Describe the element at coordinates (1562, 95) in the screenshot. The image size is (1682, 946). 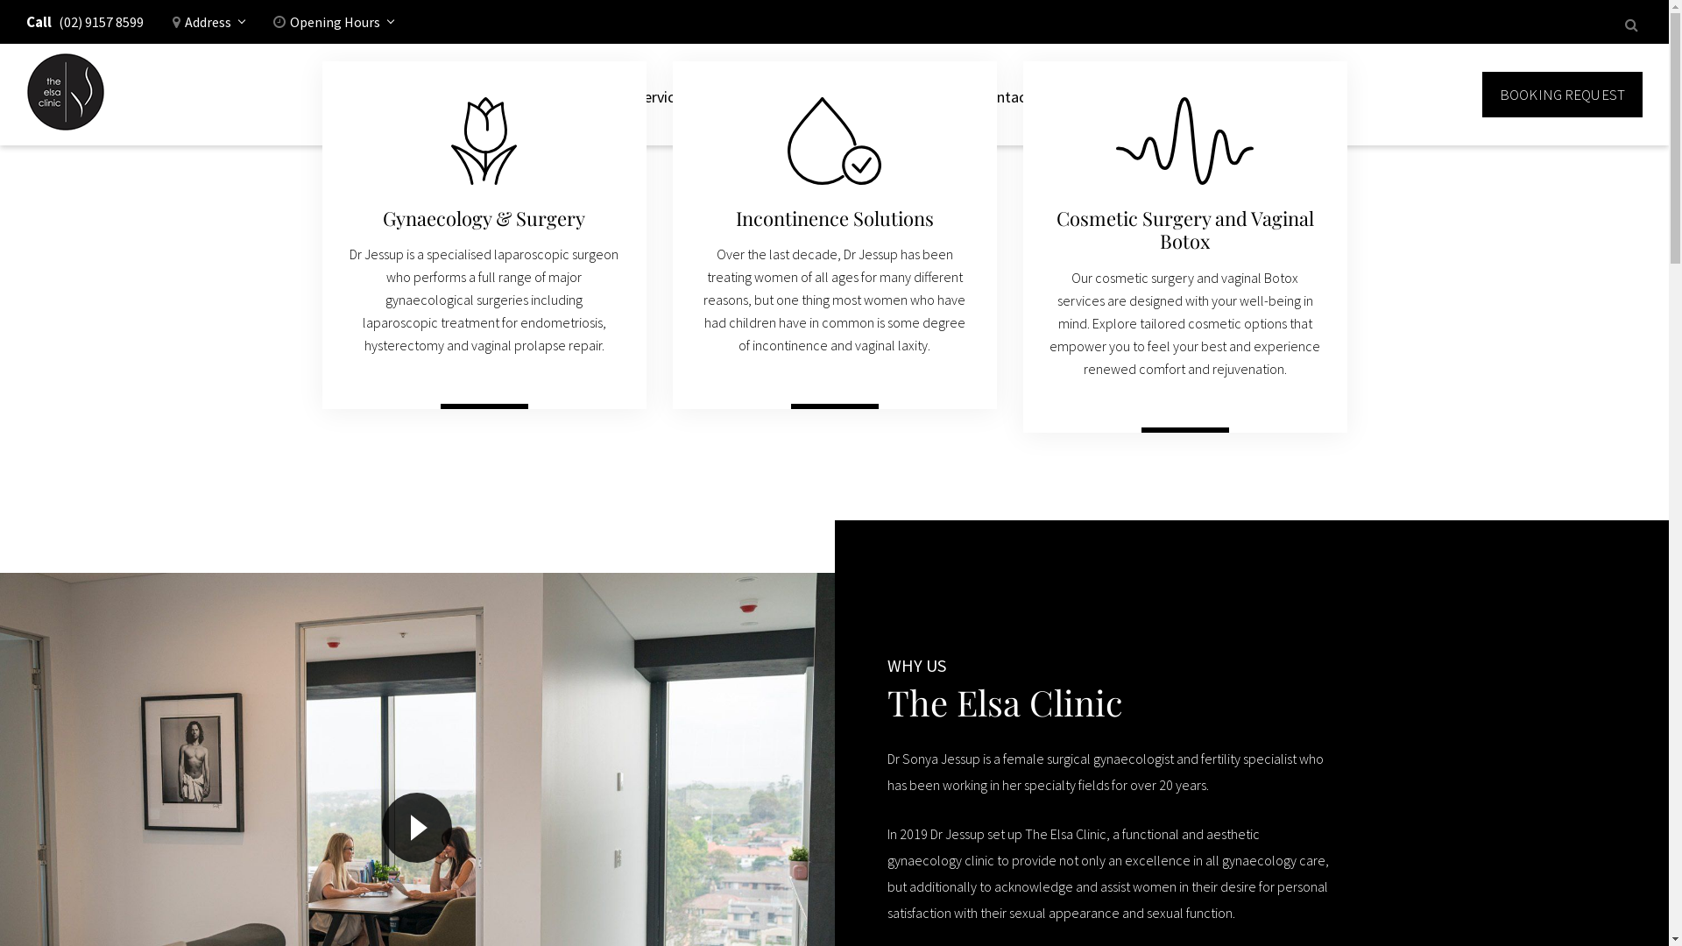
I see `'BOOKING REQUEST'` at that location.